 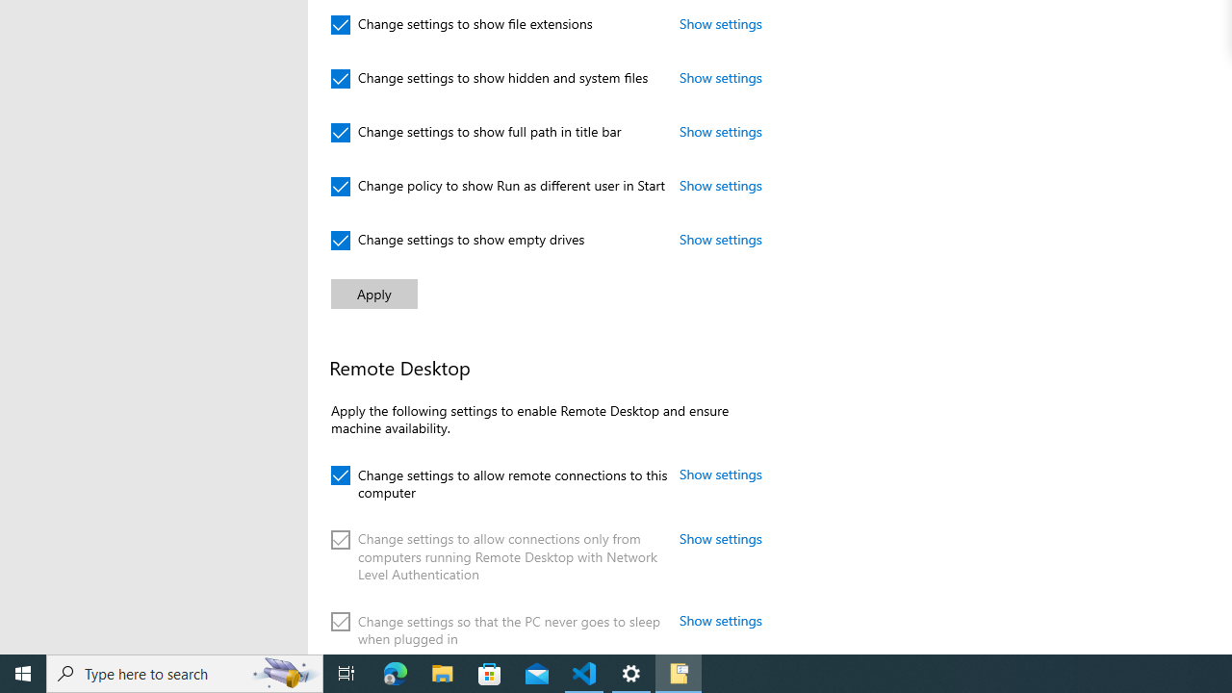 What do you see at coordinates (490, 672) in the screenshot?
I see `'Microsoft Store'` at bounding box center [490, 672].